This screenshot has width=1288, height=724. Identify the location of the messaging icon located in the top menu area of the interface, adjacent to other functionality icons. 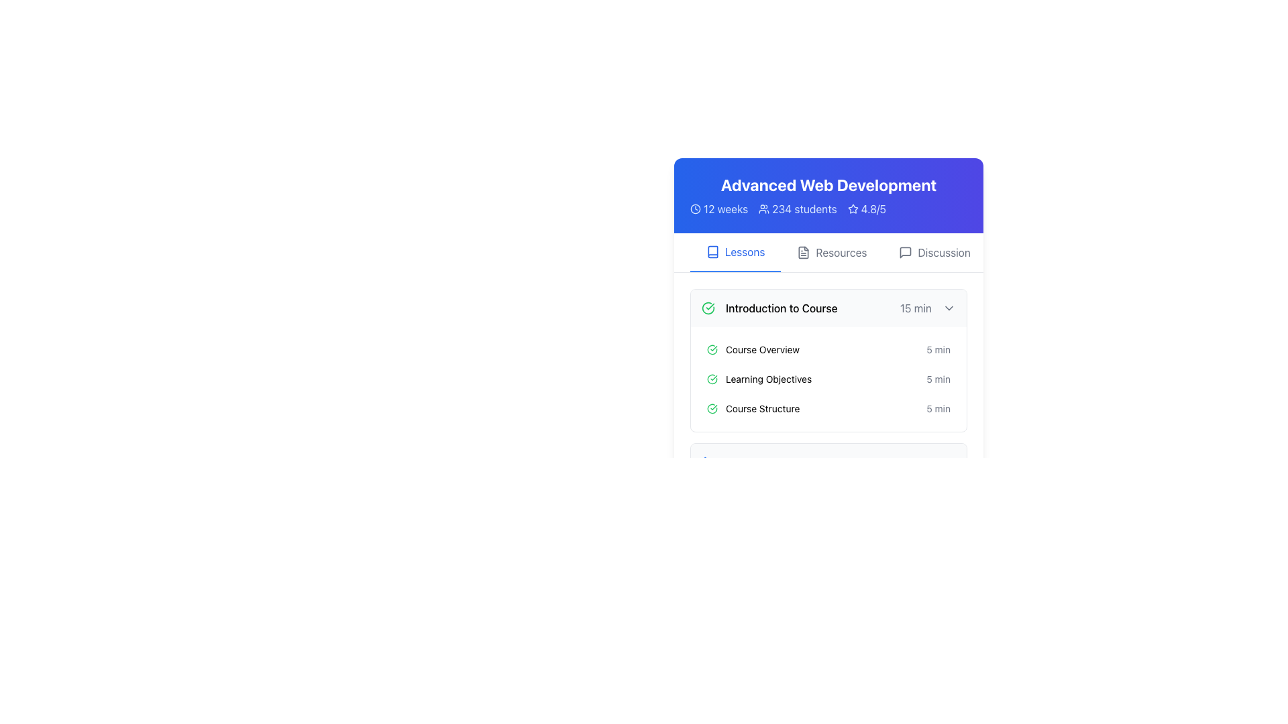
(906, 253).